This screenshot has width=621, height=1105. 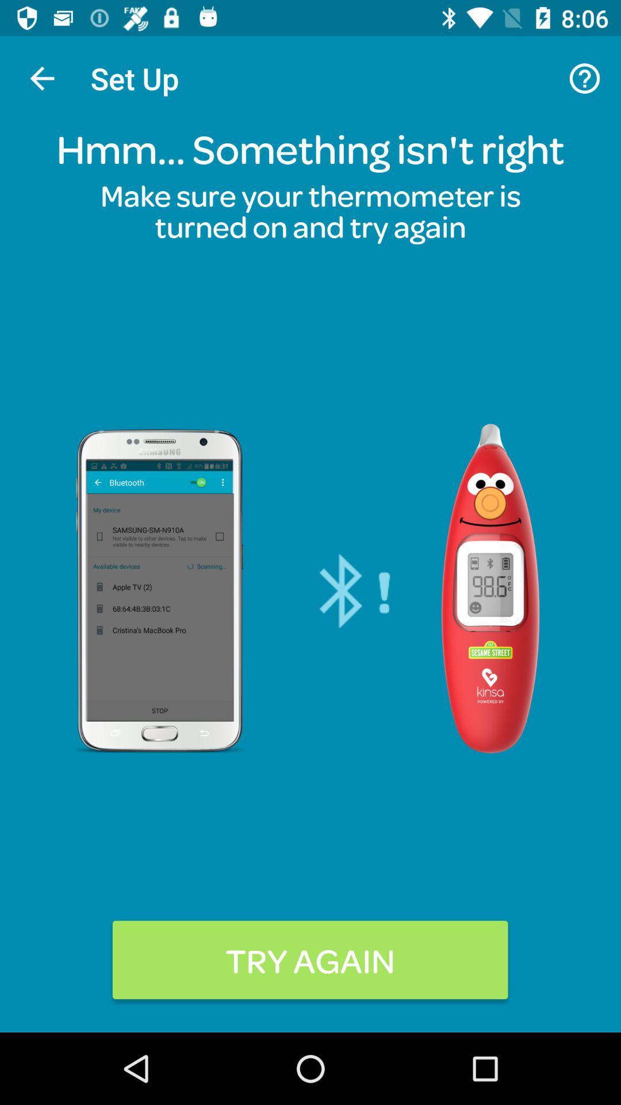 I want to click on item at the top right corner, so click(x=585, y=78).